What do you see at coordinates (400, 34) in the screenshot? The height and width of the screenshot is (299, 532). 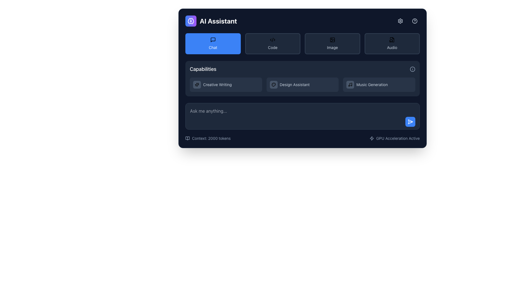 I see `the 'Assistant Settings' tooltip styled in dark theme with rounded corners, displaying light gray text, to activate it` at bounding box center [400, 34].